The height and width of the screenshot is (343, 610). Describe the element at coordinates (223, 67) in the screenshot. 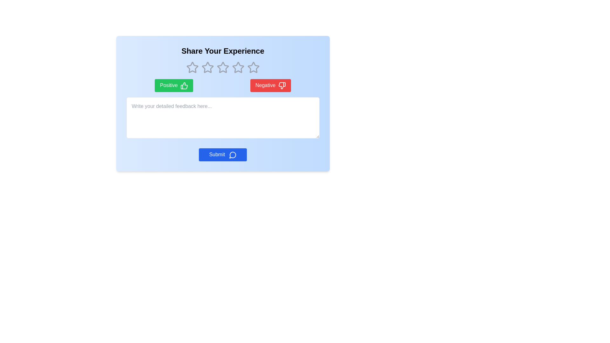

I see `the third star icon representing a three-star rating in the user feedback section` at that location.